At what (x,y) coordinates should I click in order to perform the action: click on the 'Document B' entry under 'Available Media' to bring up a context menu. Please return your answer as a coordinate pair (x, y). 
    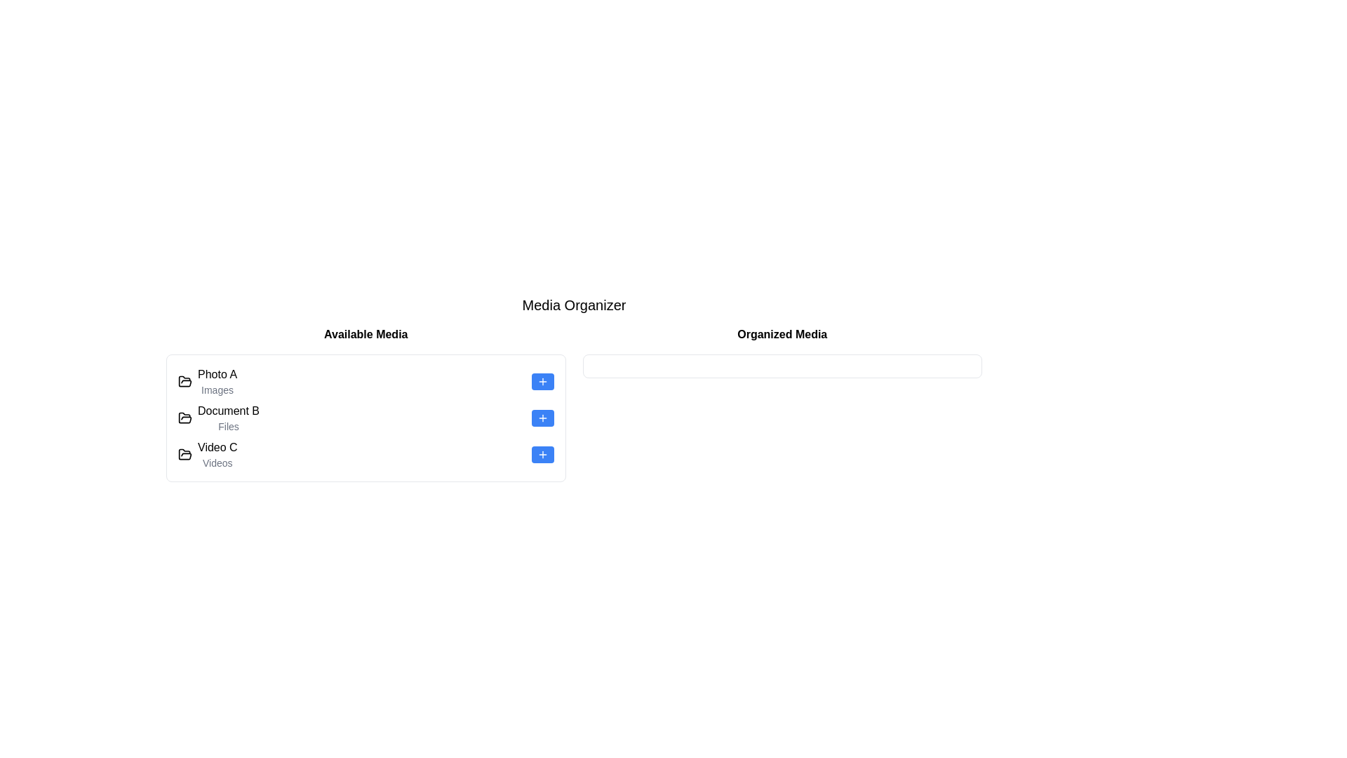
    Looking at the image, I should click on (366, 404).